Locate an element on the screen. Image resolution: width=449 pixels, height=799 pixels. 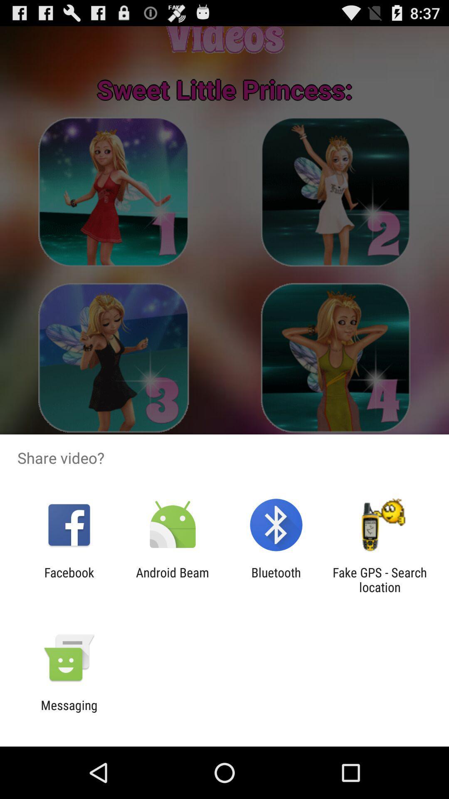
the app to the right of the android beam item is located at coordinates (276, 579).